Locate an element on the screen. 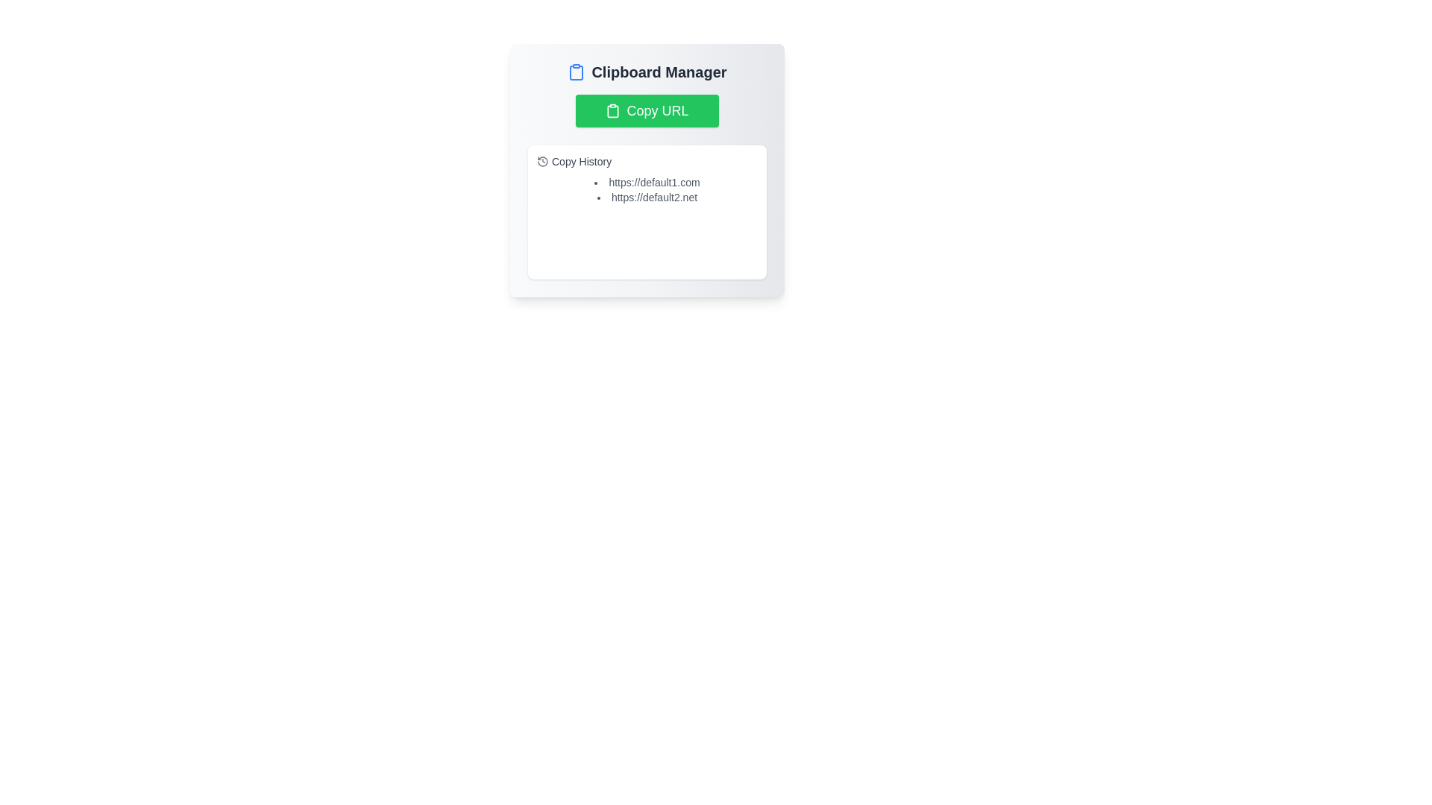  the clipboard icon element located at the top-left corner of the 'Clipboard Manager' card to focus on it is located at coordinates (576, 72).